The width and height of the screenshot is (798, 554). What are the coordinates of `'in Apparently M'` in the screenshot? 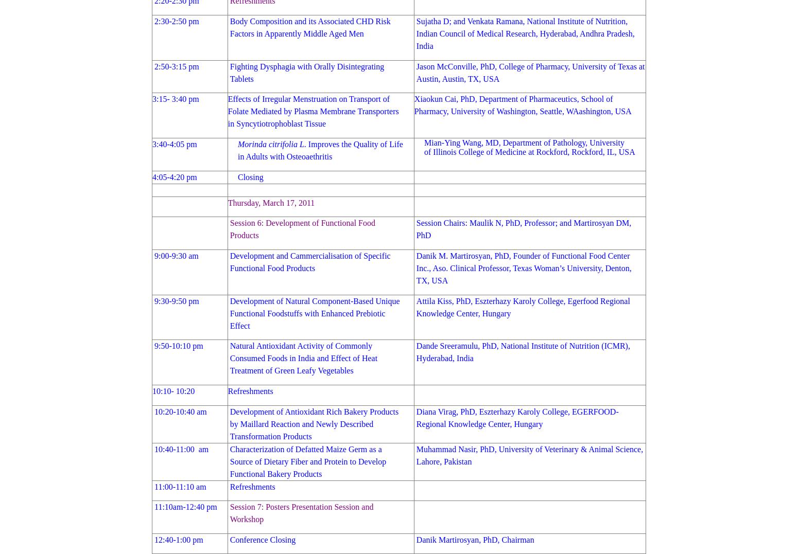 It's located at (282, 33).